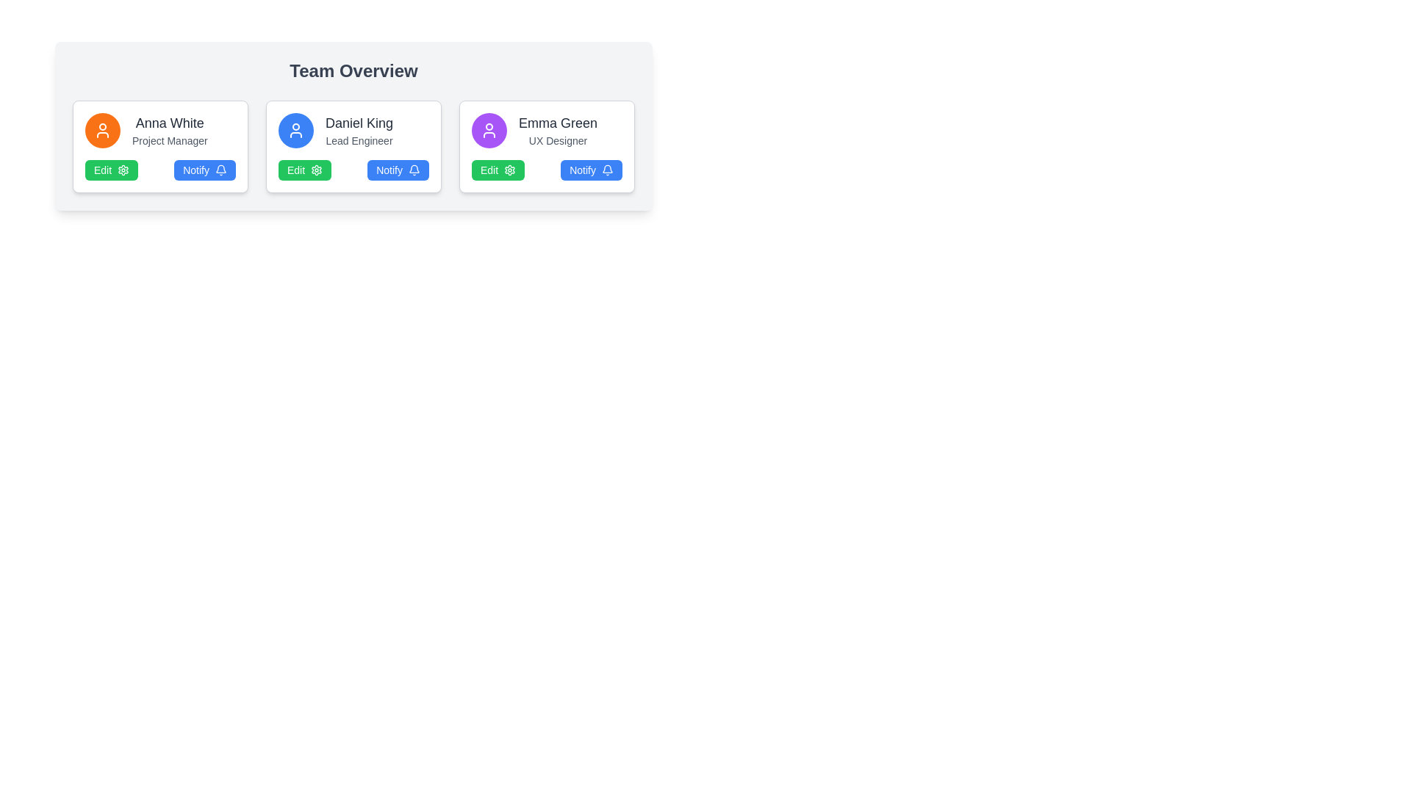 The width and height of the screenshot is (1411, 793). What do you see at coordinates (160, 147) in the screenshot?
I see `the 'Edit' button on Anna White's Profile Card, which is the first card in the Team Overview section` at bounding box center [160, 147].